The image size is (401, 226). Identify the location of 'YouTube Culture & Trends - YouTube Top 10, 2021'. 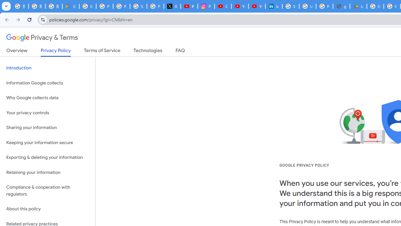
(257, 6).